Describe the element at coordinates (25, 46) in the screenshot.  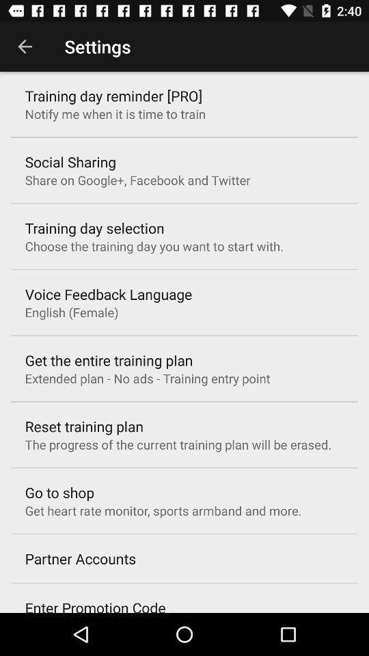
I see `the app to the left of settings` at that location.